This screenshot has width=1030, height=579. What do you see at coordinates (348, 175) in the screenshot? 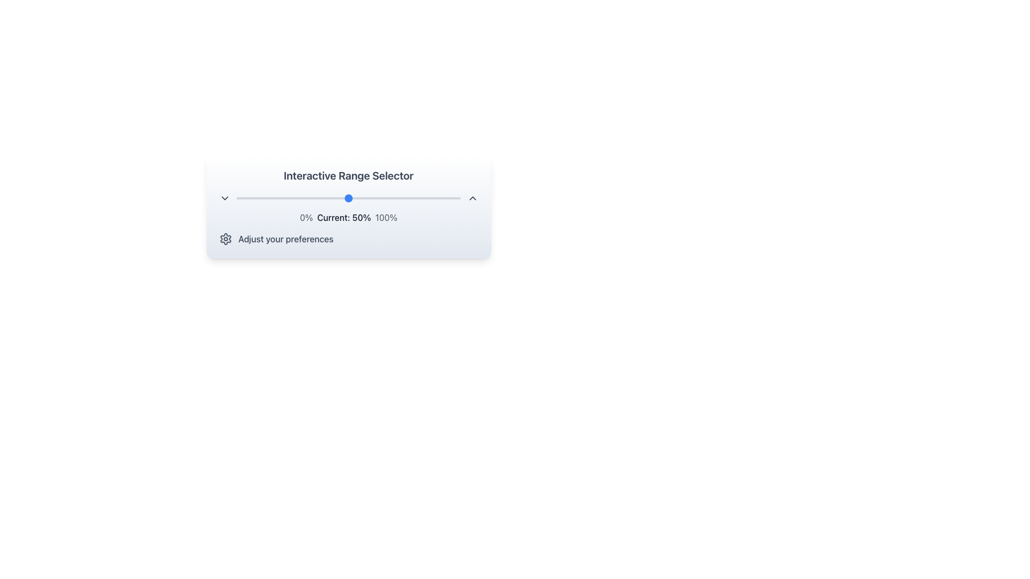
I see `the title text element located at the top of the card interface, which provides a clear description of the card's main functionality` at bounding box center [348, 175].